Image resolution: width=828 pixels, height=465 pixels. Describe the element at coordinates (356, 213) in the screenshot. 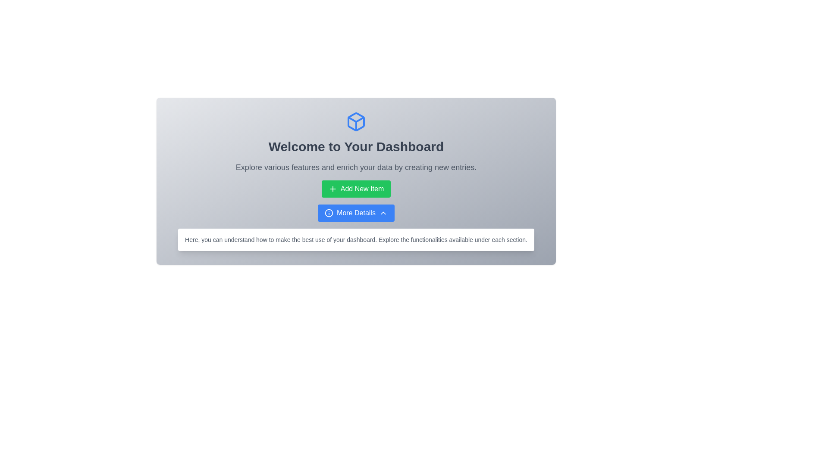

I see `the button located directly below the green 'Add New Item' button in the dashboard to observe a visual effect` at that location.